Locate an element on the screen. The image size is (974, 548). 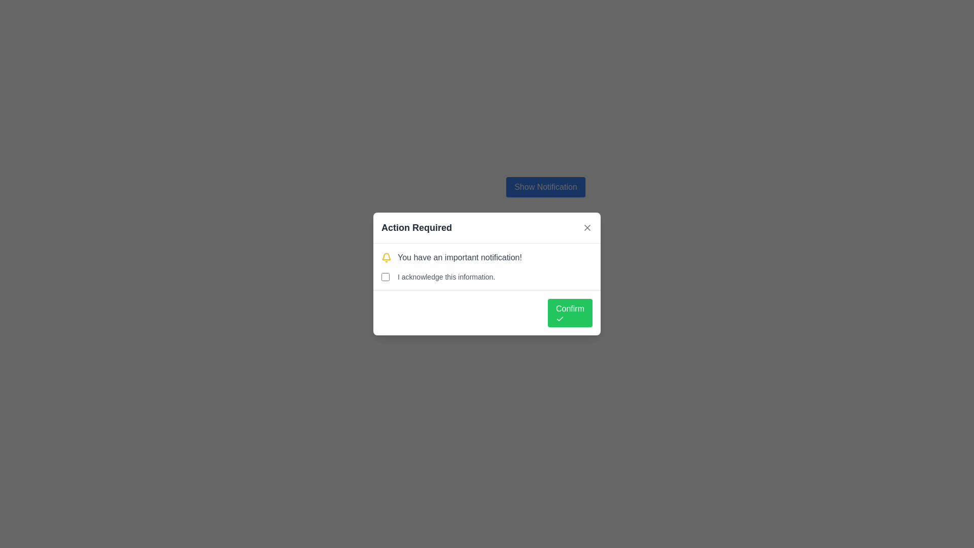
the acknowledgment checkbox located within the 'Action Required' modal dialog box, positioned below the title and above the 'Confirm' button is located at coordinates (487, 266).